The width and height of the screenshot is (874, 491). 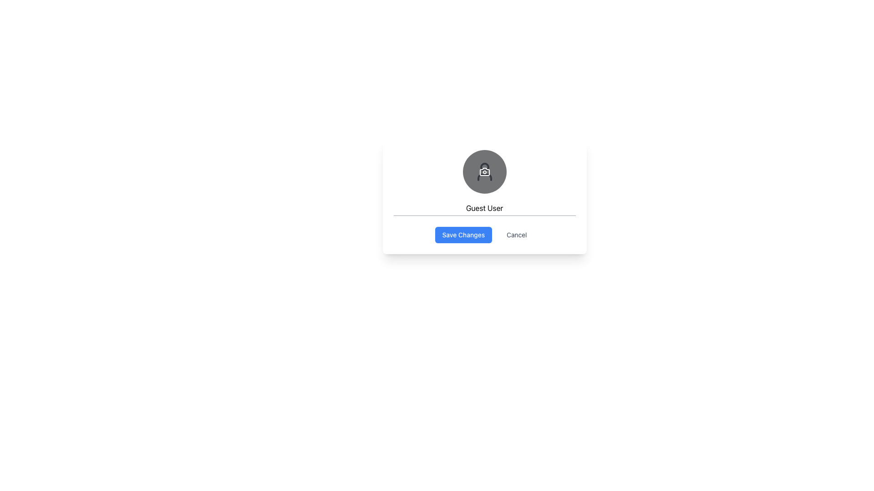 What do you see at coordinates (484, 172) in the screenshot?
I see `the decorative camera icon in the avatar section of the dialog modal, positioned above the text 'Guest User'` at bounding box center [484, 172].